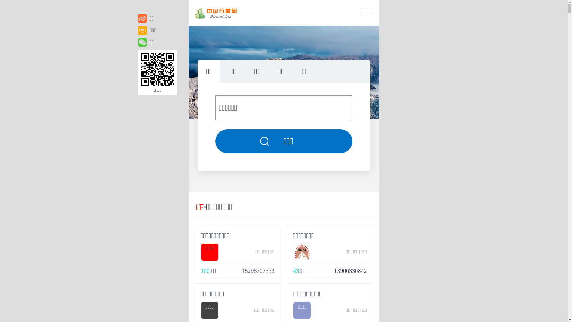  I want to click on '13906330842', so click(350, 270).